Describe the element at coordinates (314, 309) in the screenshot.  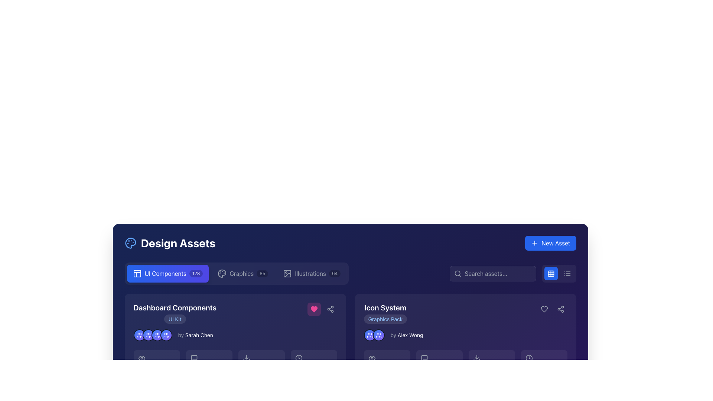
I see `the favorite button located in the top-right portion of the 'Dashboard Components' card` at that location.